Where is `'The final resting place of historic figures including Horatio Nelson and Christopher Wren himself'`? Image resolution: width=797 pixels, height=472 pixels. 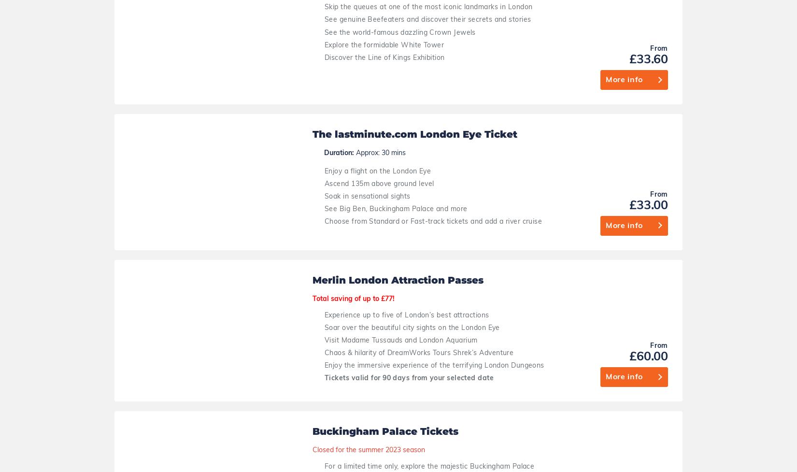 'The final resting place of historic figures including Horatio Nelson and Christopher Wren himself' is located at coordinates (440, 151).